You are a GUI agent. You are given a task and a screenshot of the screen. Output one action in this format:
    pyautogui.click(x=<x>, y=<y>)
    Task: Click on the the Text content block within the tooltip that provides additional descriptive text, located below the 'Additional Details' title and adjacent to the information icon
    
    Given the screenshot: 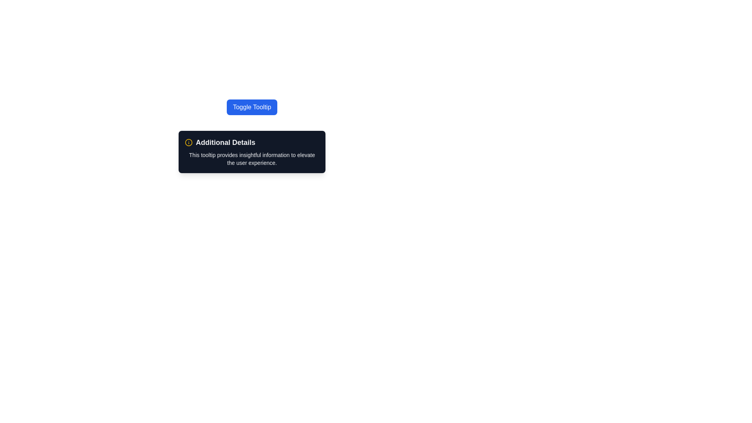 What is the action you would take?
    pyautogui.click(x=252, y=159)
    